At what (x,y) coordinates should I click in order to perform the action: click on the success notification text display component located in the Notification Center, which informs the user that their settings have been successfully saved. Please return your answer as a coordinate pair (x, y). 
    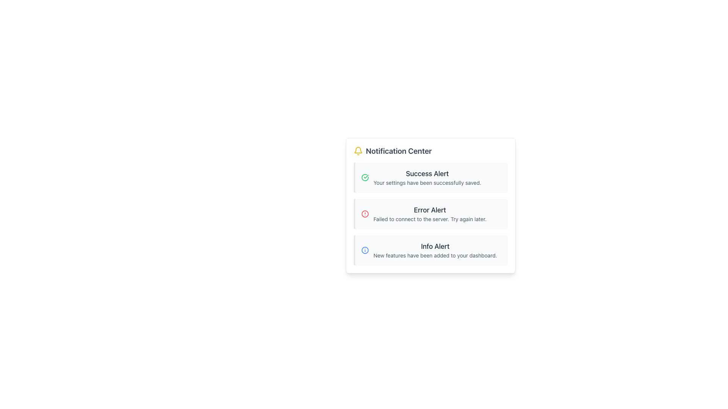
    Looking at the image, I should click on (427, 178).